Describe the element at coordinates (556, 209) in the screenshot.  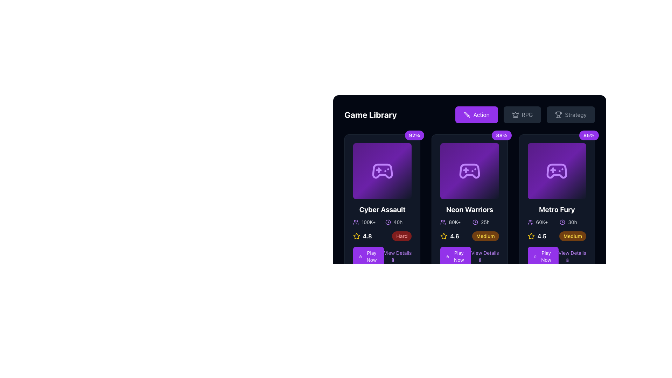
I see `the text label serving as the title for the game 'Metro Fury', which is located in the Game Library section as the third card in a horizontal sequence, positioned below the game icon` at that location.